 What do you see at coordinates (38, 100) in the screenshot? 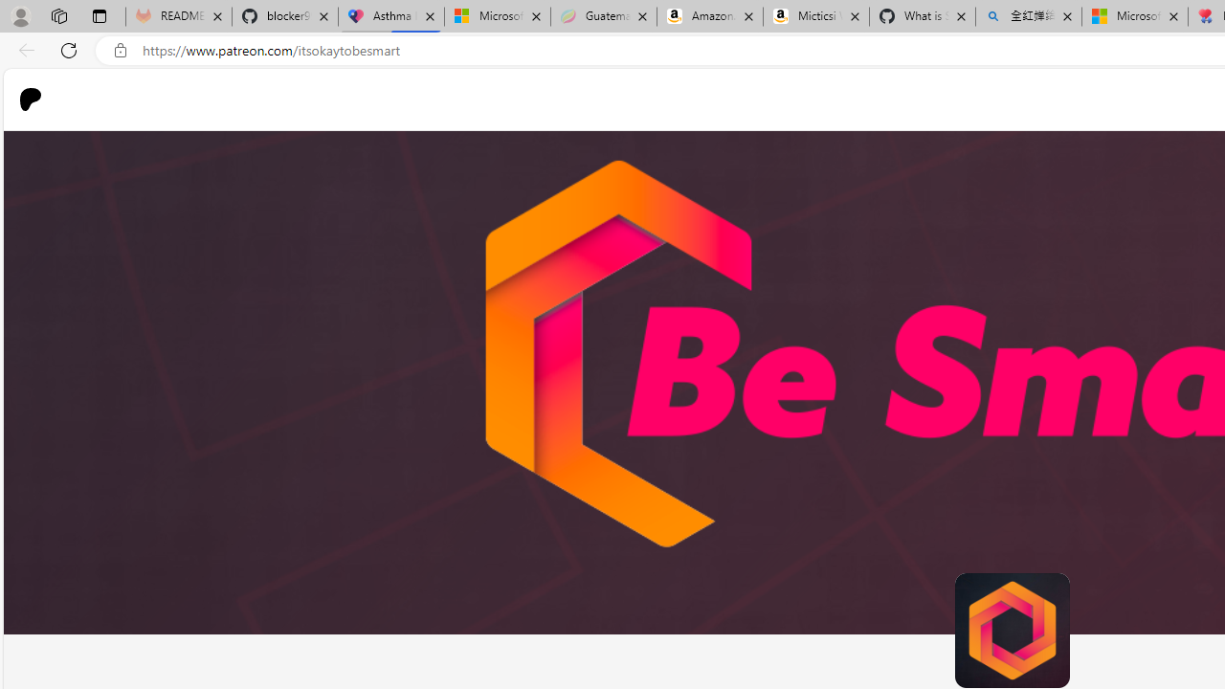
I see `'Go to home page'` at bounding box center [38, 100].